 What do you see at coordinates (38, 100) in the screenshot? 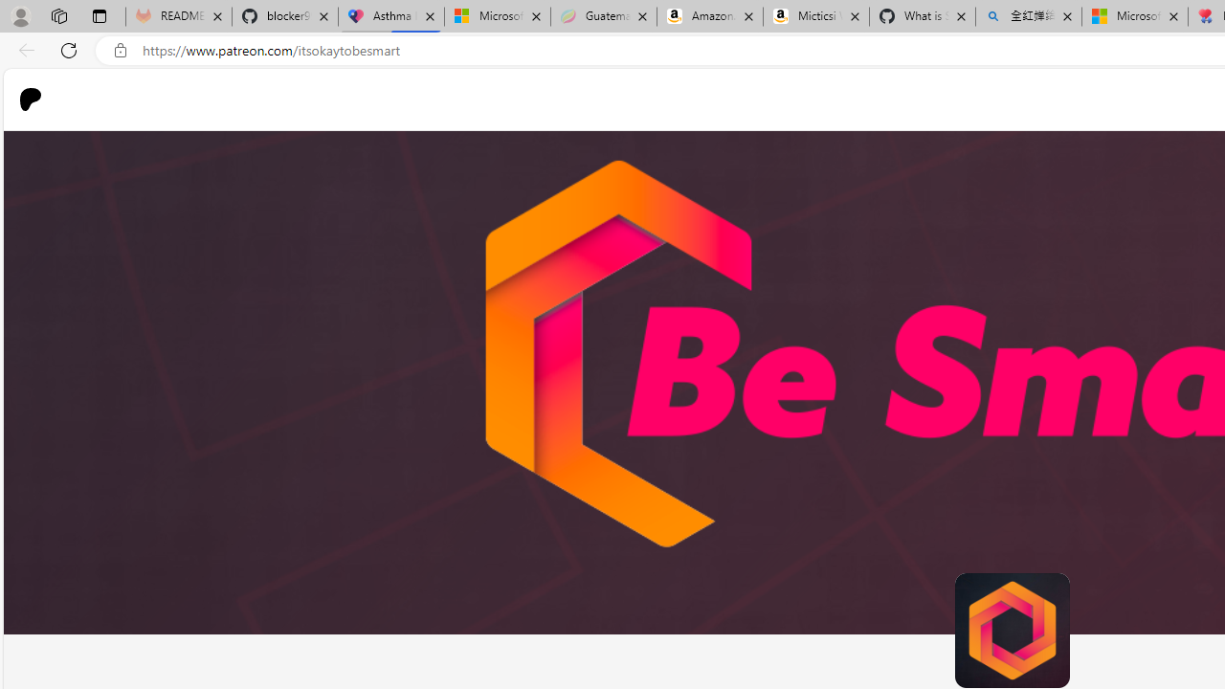
I see `'Go to home page'` at bounding box center [38, 100].